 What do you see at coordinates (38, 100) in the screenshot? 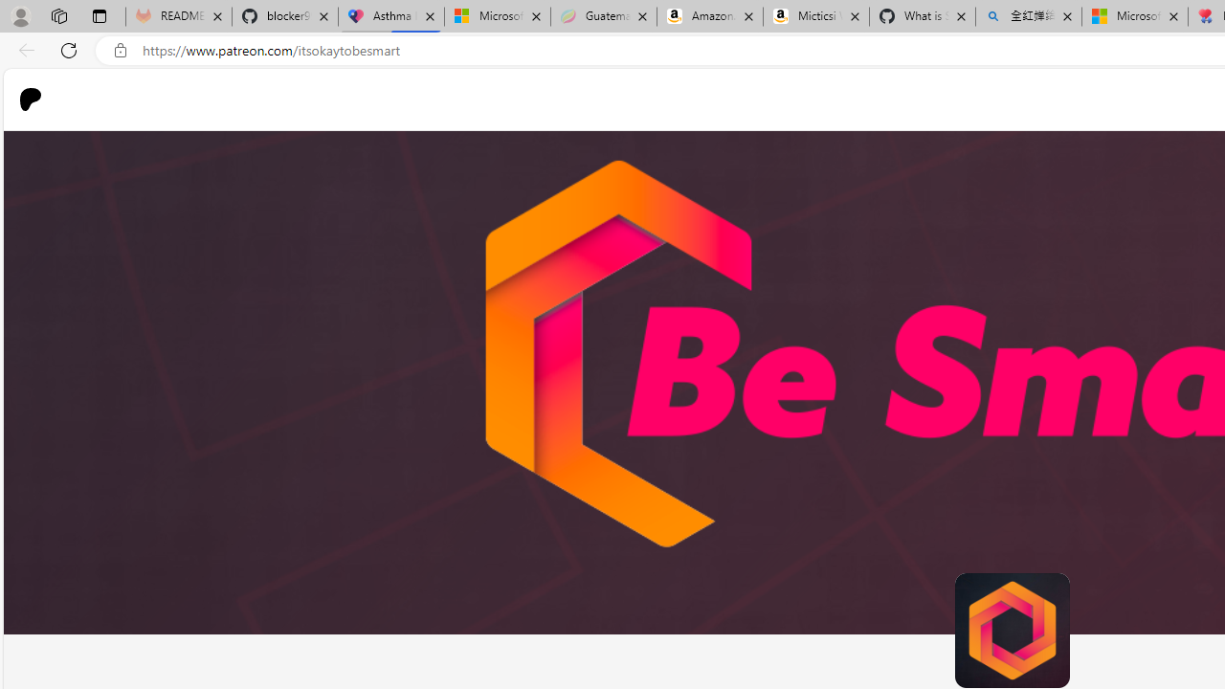
I see `'Go to home page'` at bounding box center [38, 100].